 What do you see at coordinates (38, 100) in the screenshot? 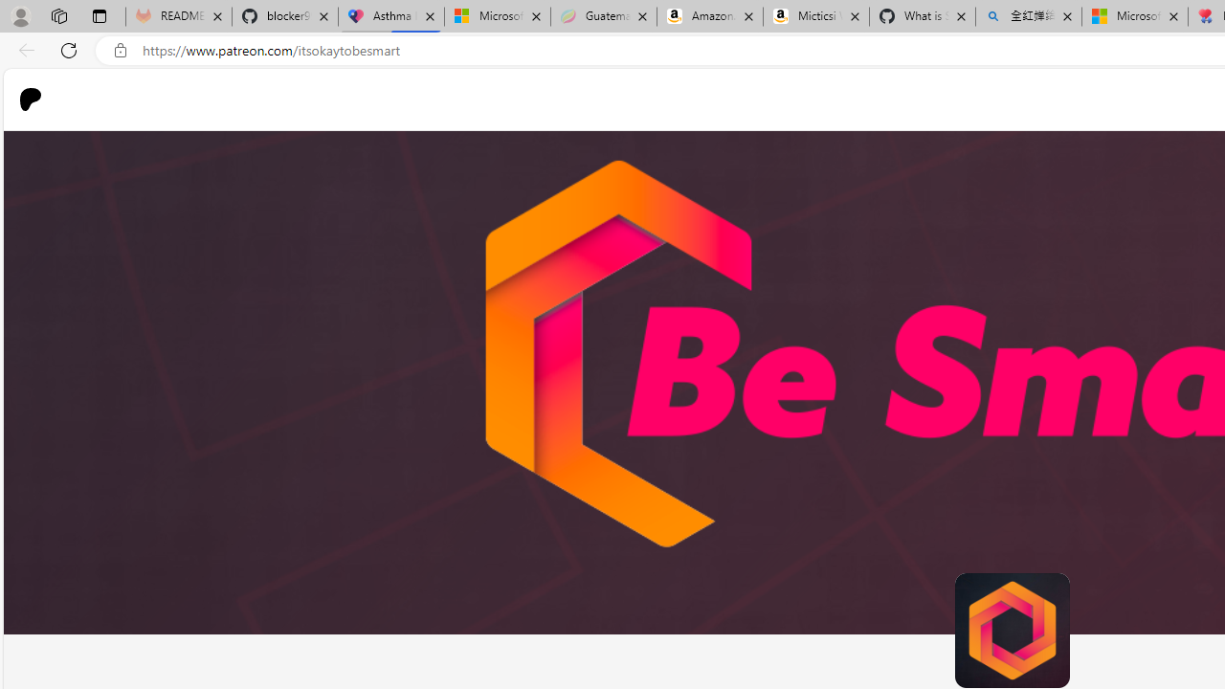
I see `'Go to home page'` at bounding box center [38, 100].